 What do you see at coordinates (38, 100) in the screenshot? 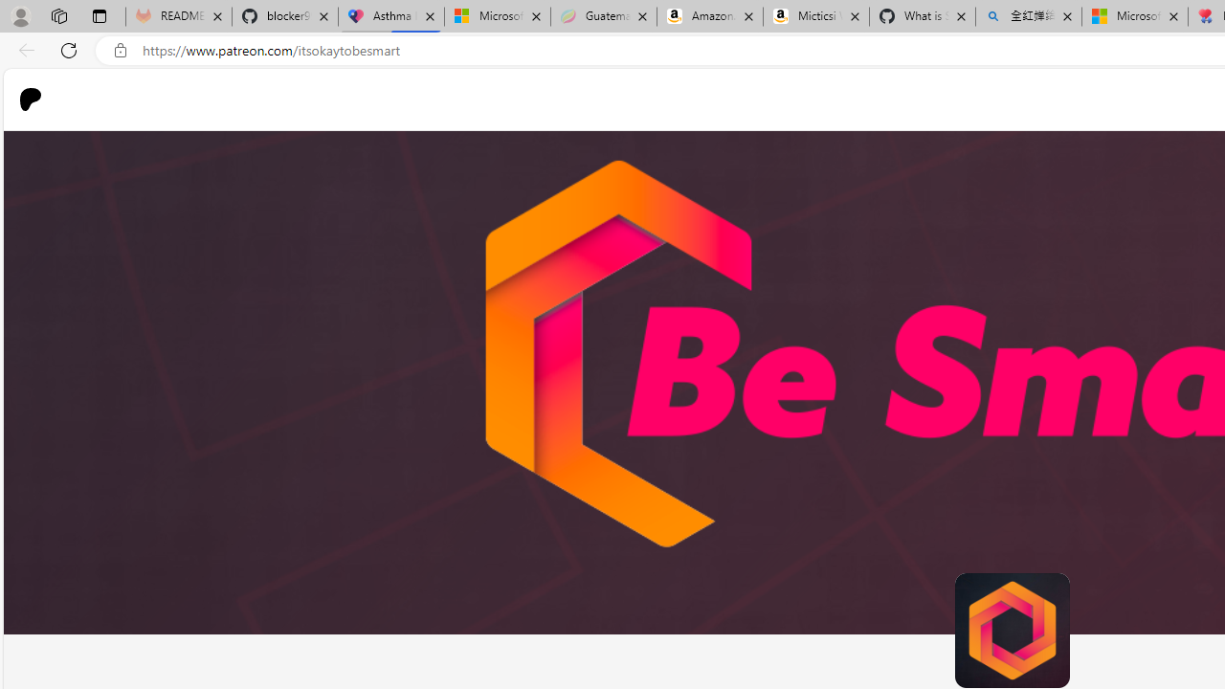
I see `'Go to home page'` at bounding box center [38, 100].